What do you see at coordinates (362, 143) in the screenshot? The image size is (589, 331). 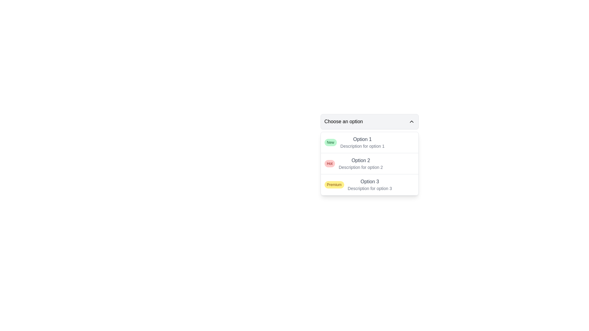 I see `the dropdown menu item labeled 'Option 1'` at bounding box center [362, 143].